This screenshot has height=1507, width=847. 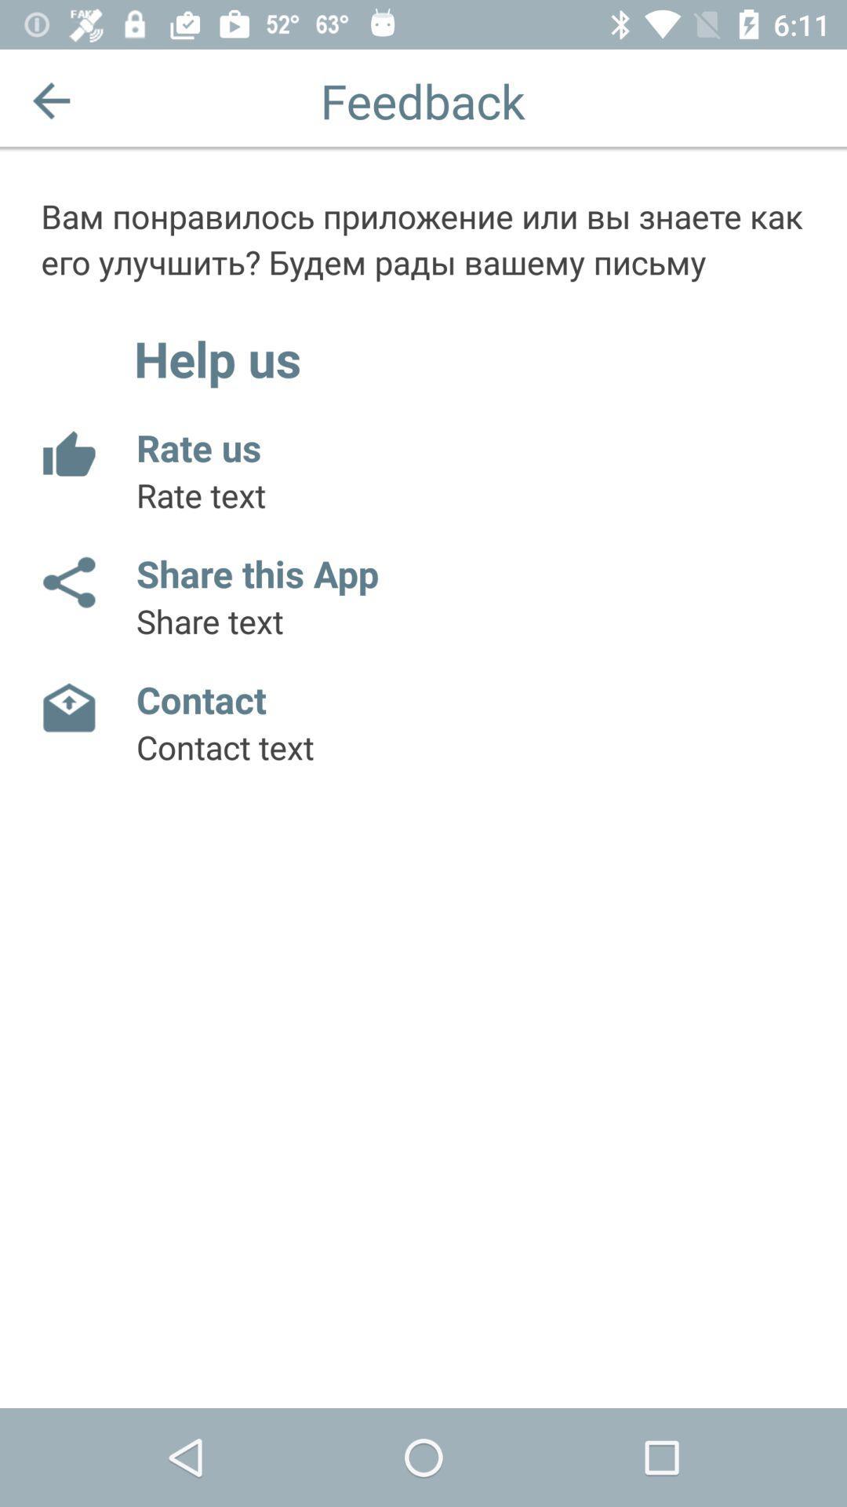 What do you see at coordinates (67, 454) in the screenshot?
I see `rate the text` at bounding box center [67, 454].